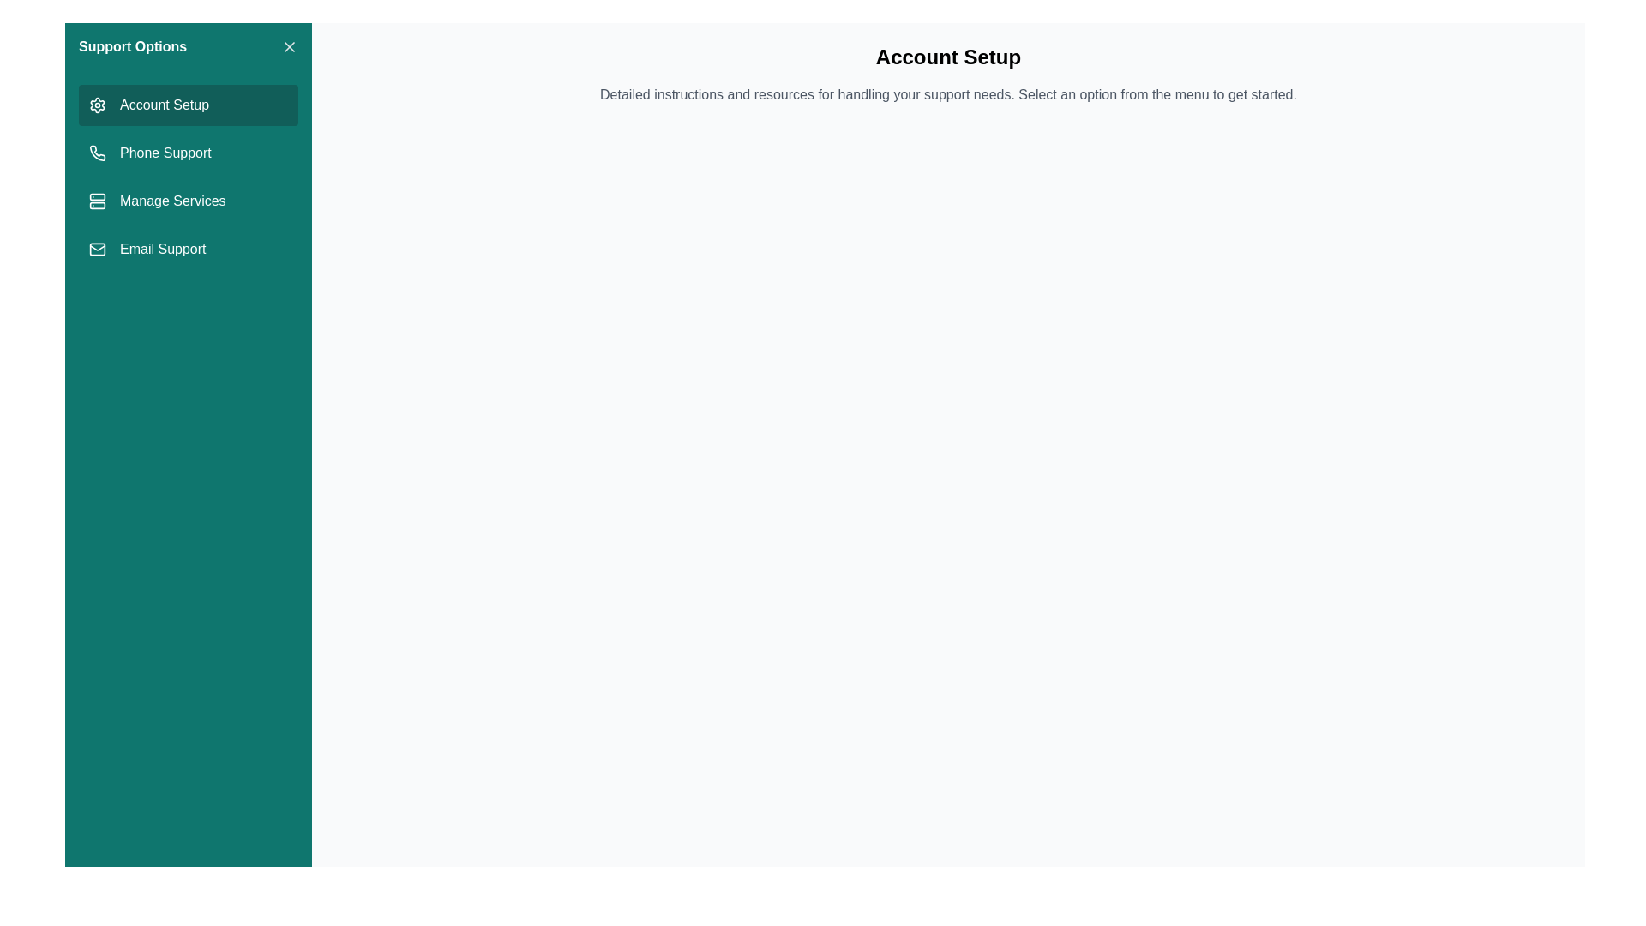  Describe the element at coordinates (172, 201) in the screenshot. I see `the 'Manage Services' text label within the menu option bar` at that location.